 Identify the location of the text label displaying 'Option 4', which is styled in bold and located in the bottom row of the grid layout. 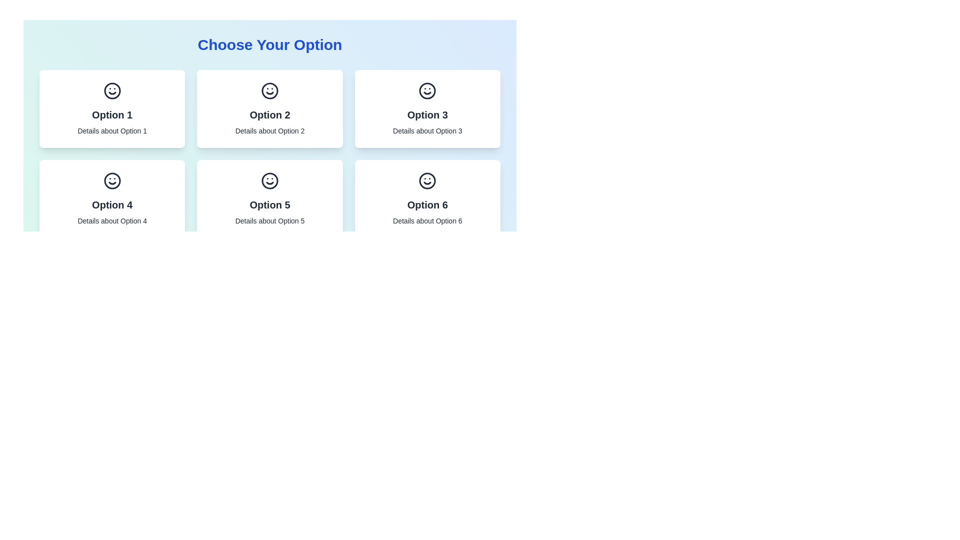
(112, 204).